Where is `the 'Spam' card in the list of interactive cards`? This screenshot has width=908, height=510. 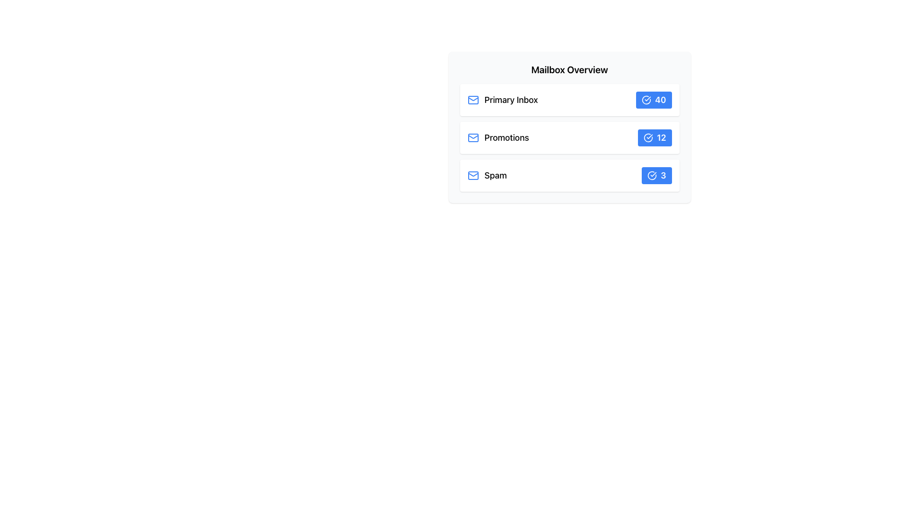
the 'Spam' card in the list of interactive cards is located at coordinates (569, 175).